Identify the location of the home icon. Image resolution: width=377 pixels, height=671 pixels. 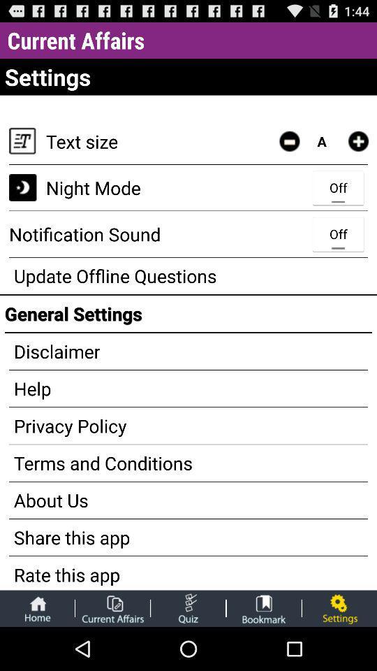
(37, 651).